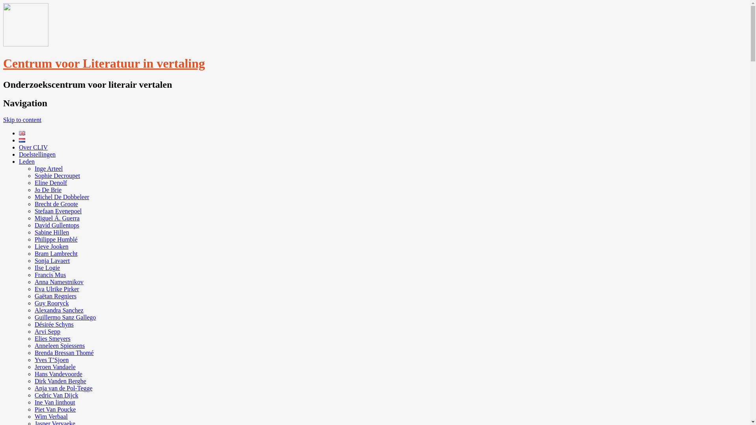  What do you see at coordinates (34, 168) in the screenshot?
I see `'Inge Arteel'` at bounding box center [34, 168].